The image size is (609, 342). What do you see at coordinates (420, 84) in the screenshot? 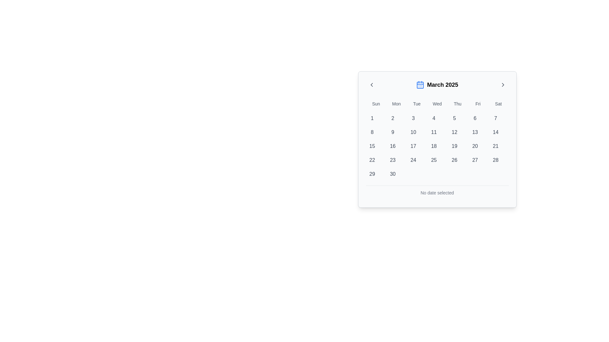
I see `the blue calendar icon located to the left of the text 'March 2025' in the date picker component` at bounding box center [420, 84].